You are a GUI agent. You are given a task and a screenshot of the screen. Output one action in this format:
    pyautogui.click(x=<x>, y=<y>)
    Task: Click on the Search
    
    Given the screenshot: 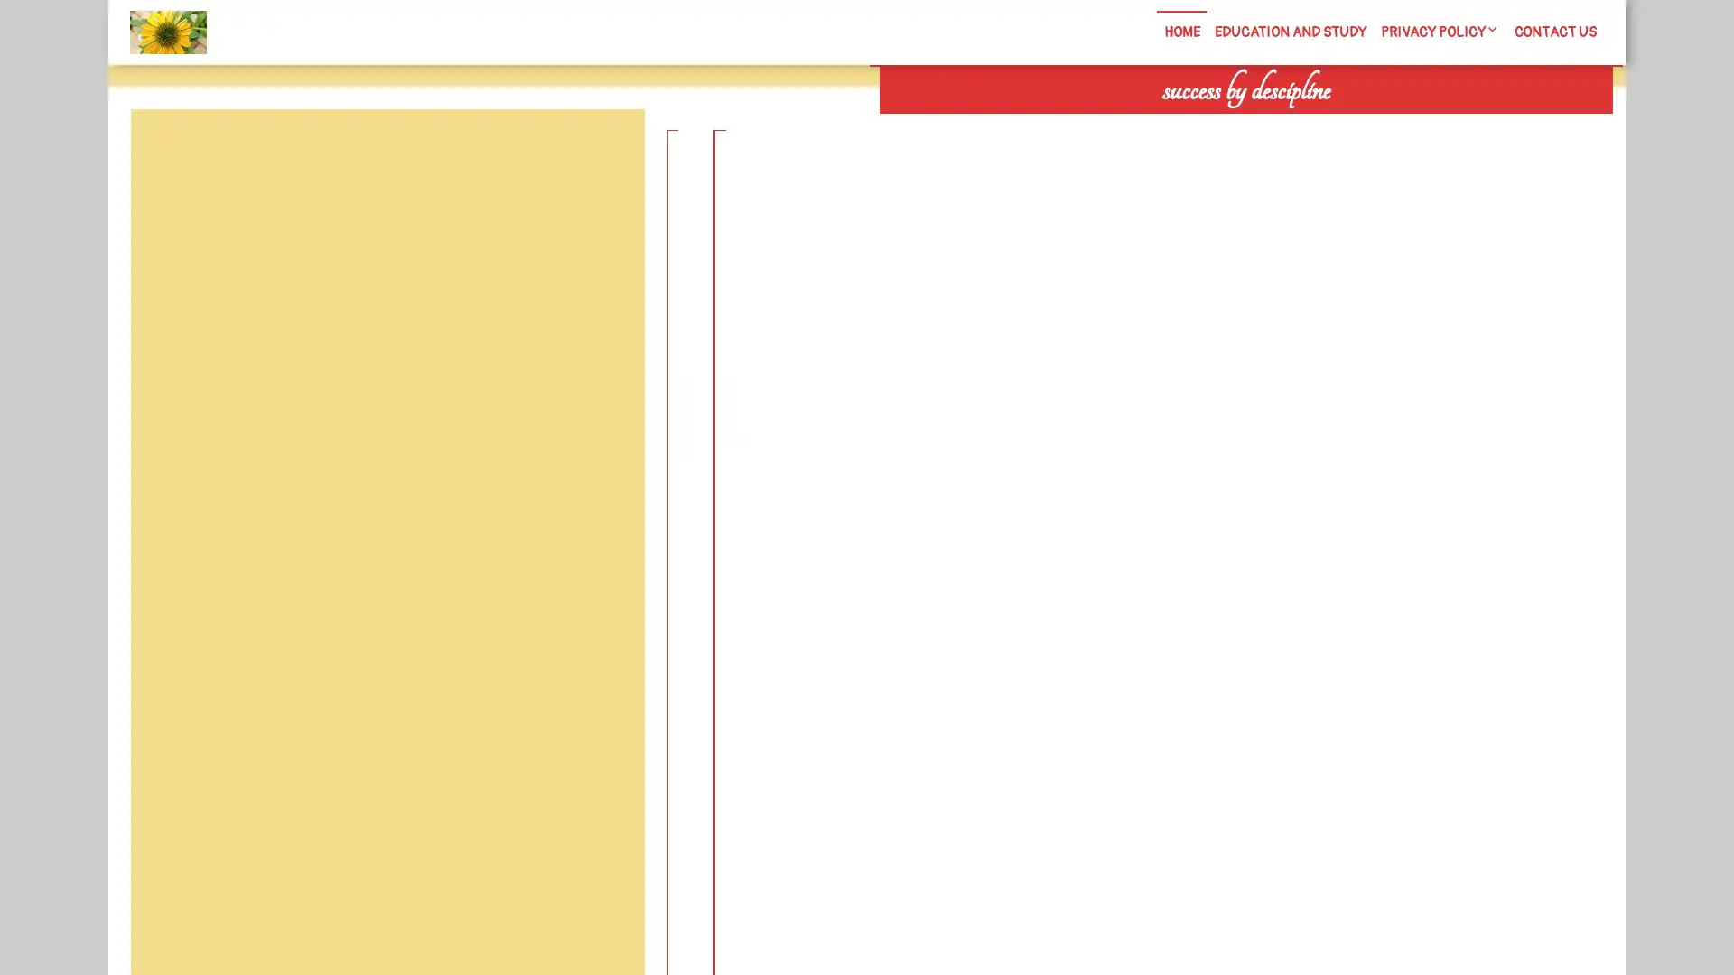 What is the action you would take?
    pyautogui.click(x=602, y=152)
    